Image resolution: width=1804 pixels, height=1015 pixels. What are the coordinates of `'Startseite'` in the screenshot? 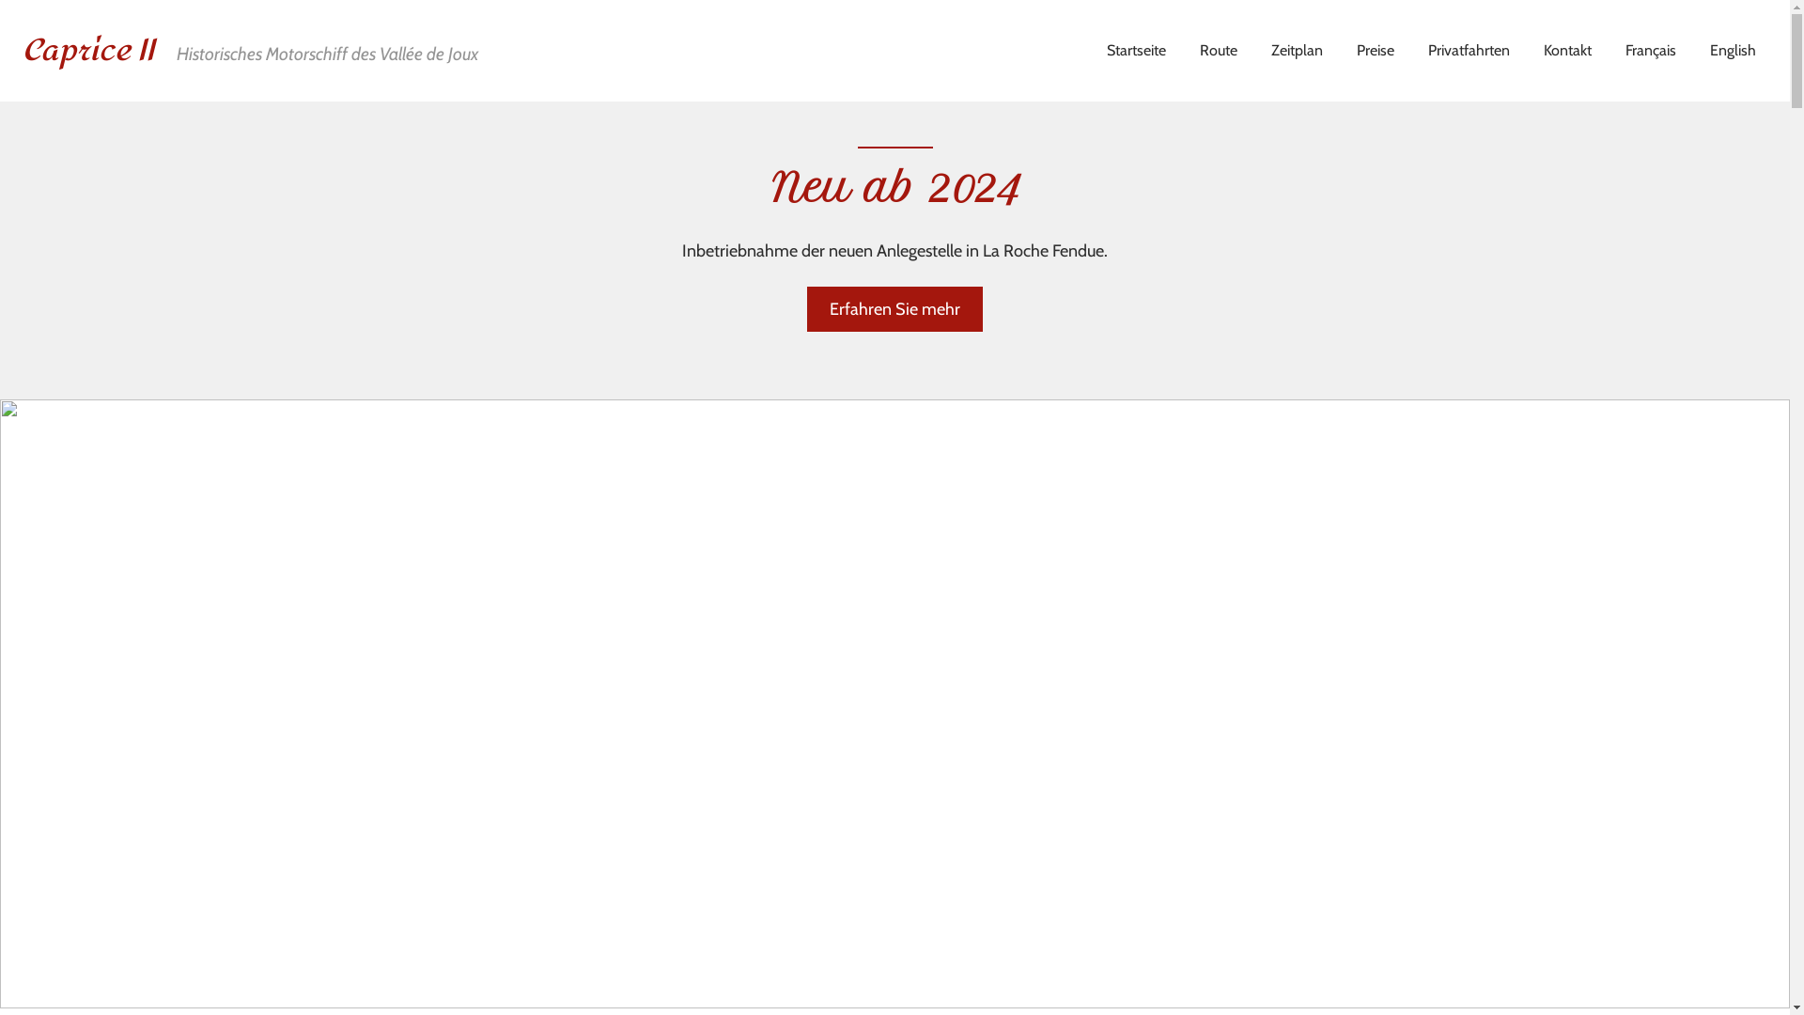 It's located at (1135, 50).